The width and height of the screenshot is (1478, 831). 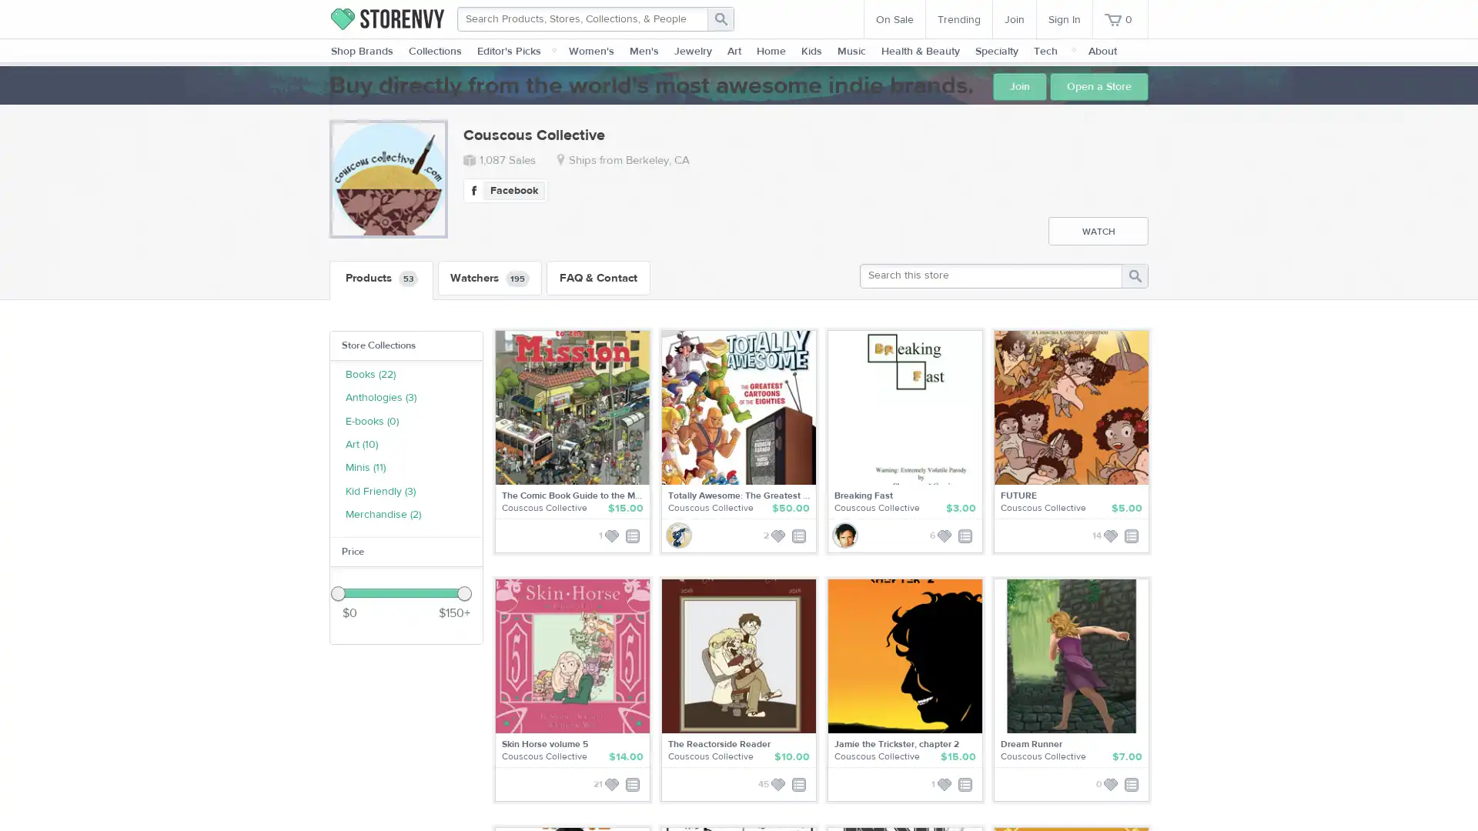 What do you see at coordinates (1134, 275) in the screenshot?
I see `Search` at bounding box center [1134, 275].